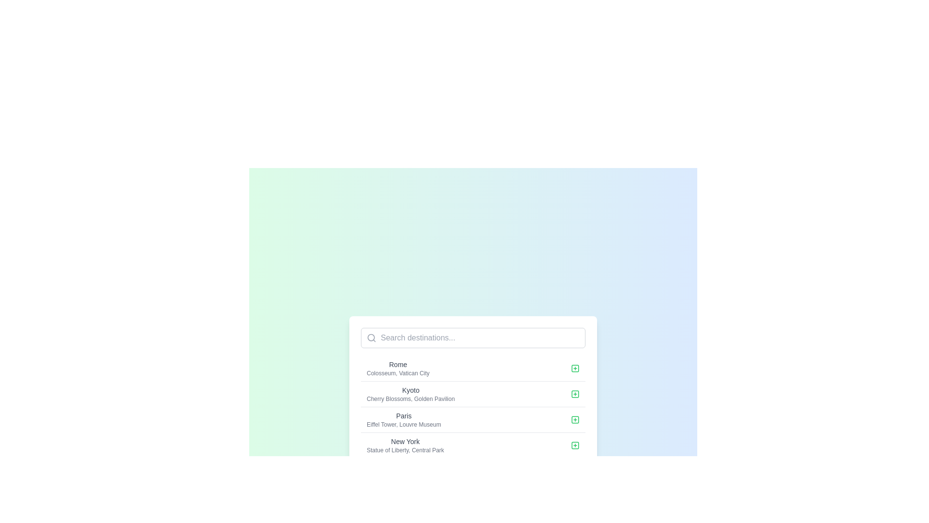  I want to click on the circular part of the magnifying glass icon located in the upper-left corner of the search input field, so click(371, 337).